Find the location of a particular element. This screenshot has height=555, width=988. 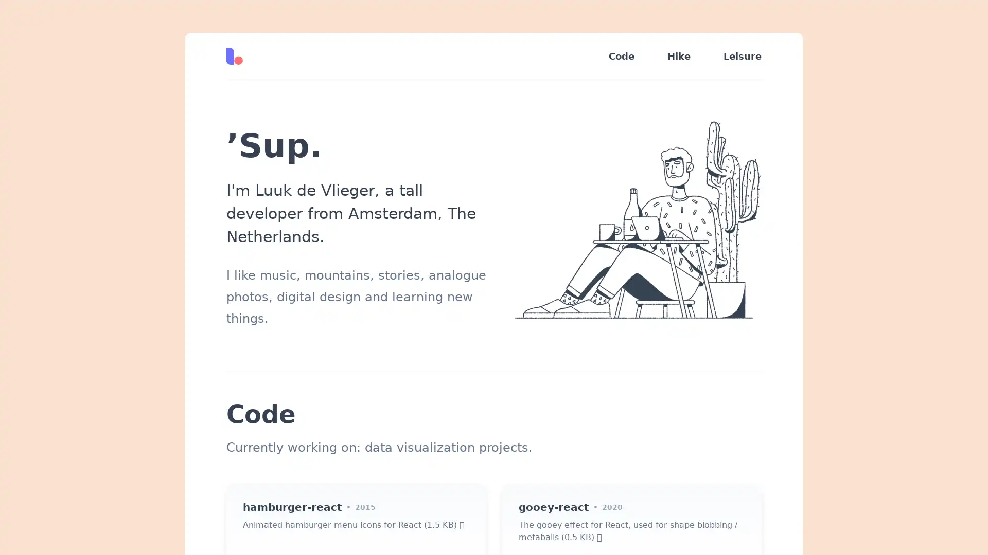

Leisure is located at coordinates (733, 56).